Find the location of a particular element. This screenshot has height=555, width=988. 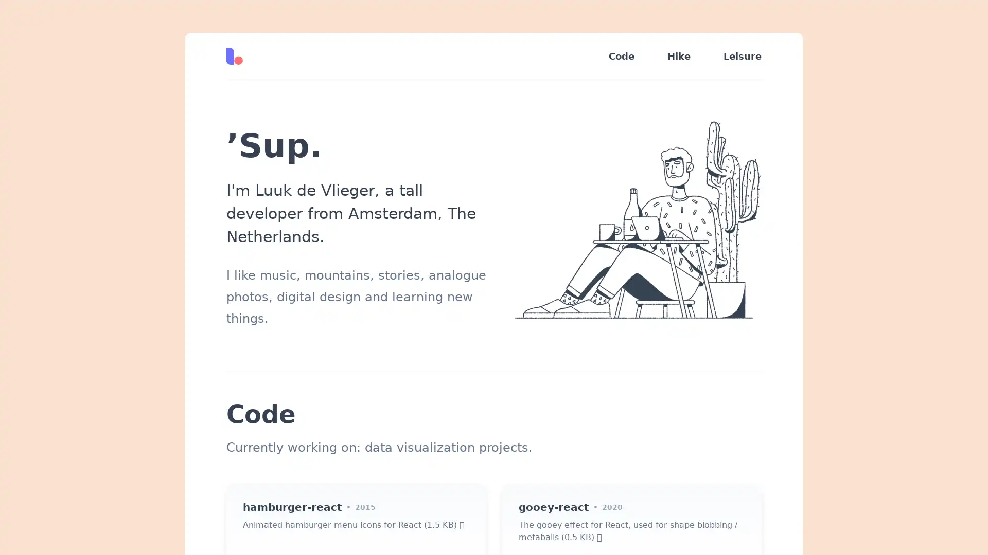

Leisure is located at coordinates (733, 56).